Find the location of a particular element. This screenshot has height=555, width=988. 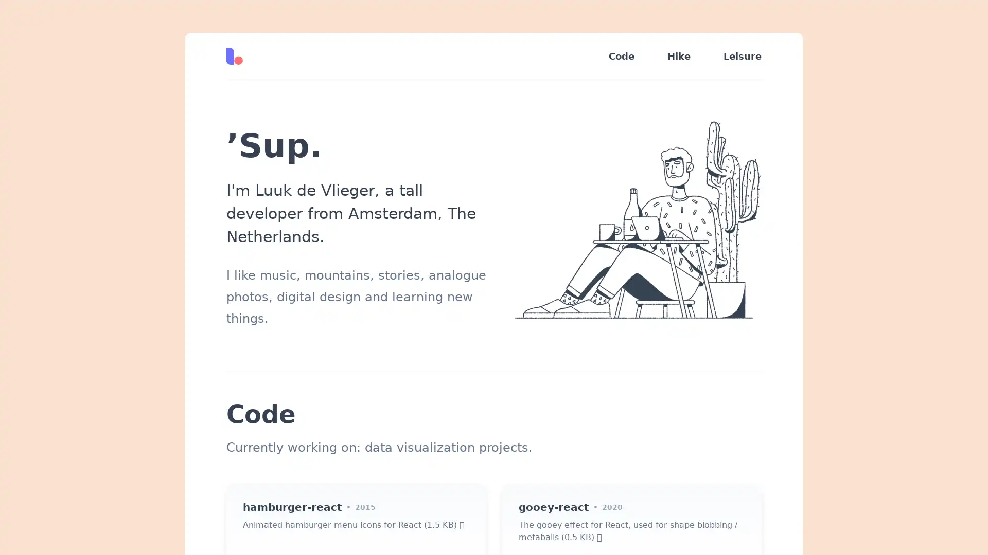

Leisure is located at coordinates (733, 56).